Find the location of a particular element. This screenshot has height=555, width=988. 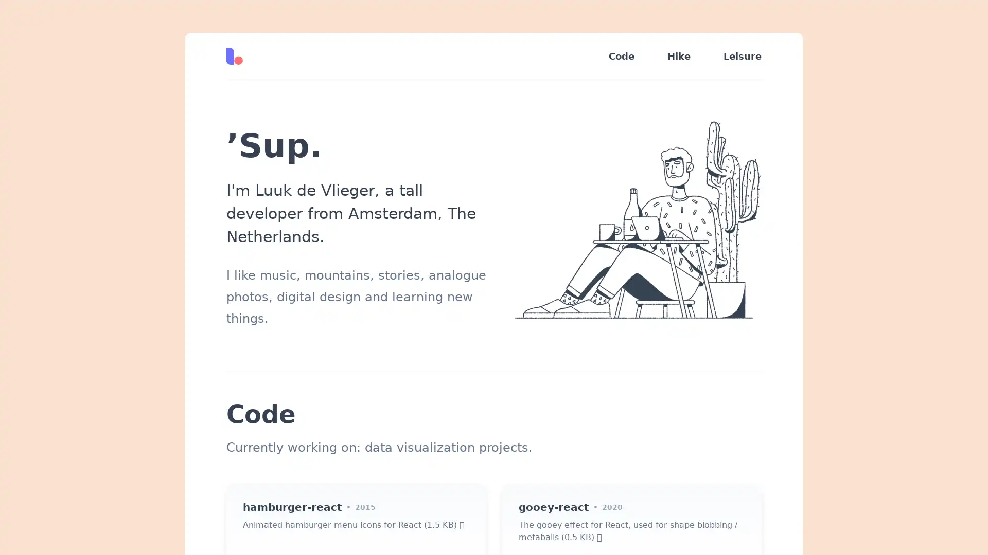

Leisure is located at coordinates (733, 56).